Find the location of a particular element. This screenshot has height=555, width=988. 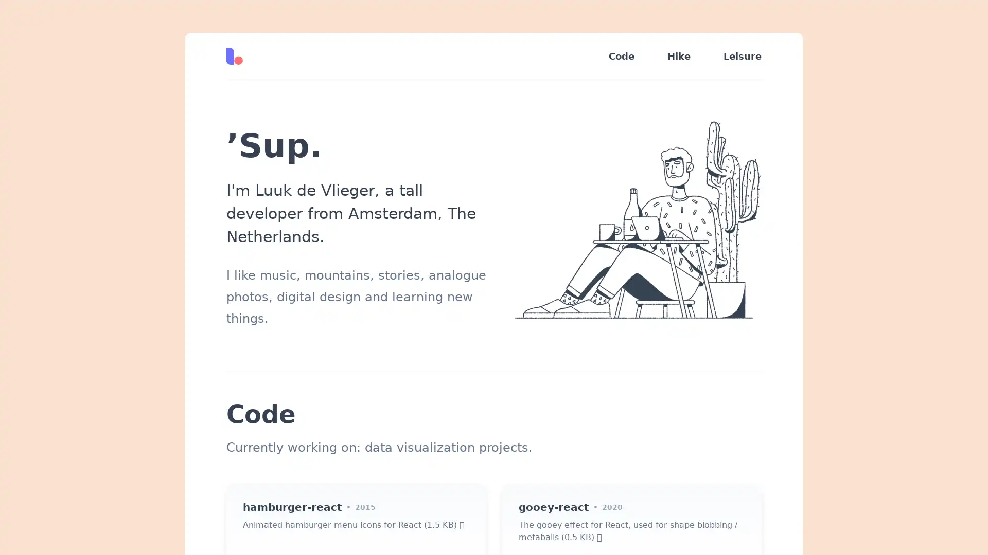

Leisure is located at coordinates (733, 56).